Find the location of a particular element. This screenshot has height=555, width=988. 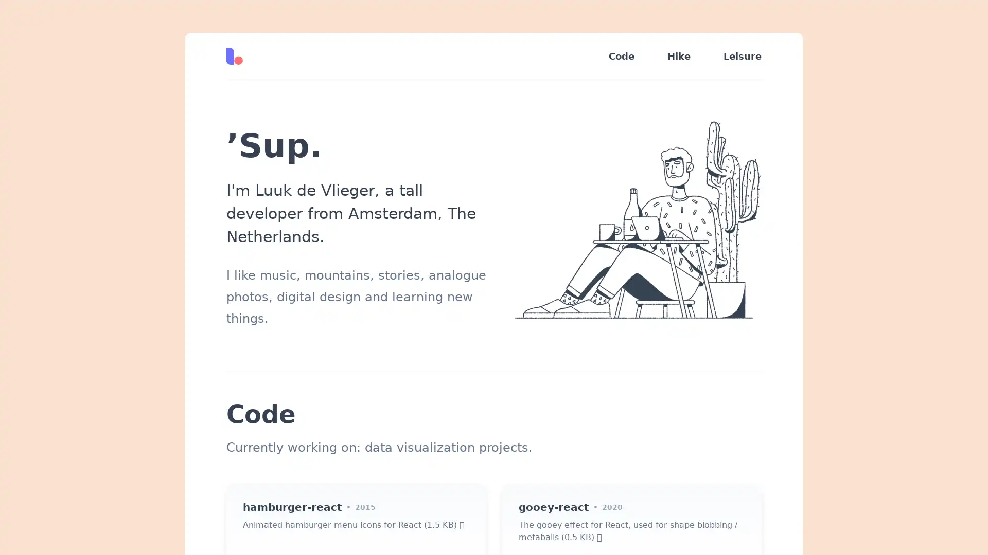

Leisure is located at coordinates (733, 56).